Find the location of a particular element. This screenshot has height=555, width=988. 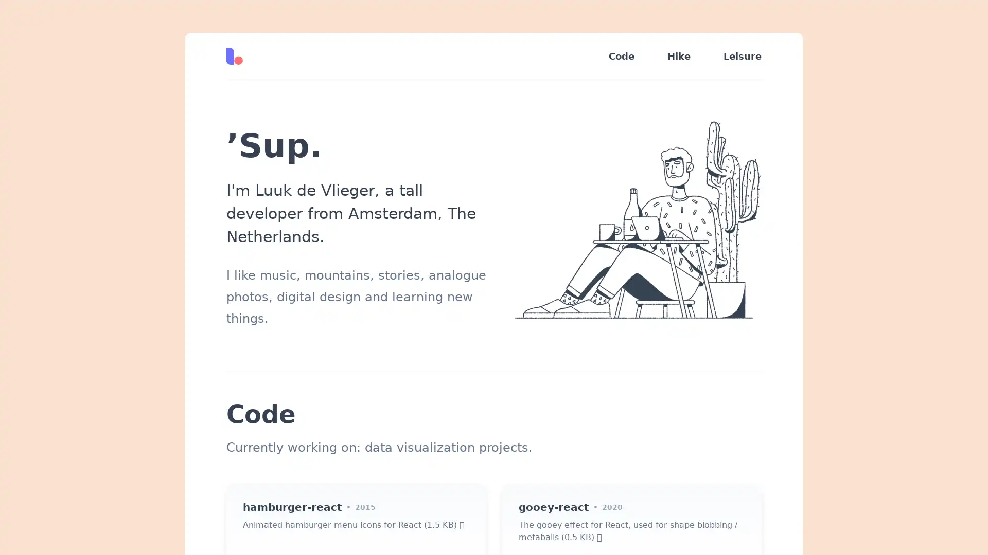

Leisure is located at coordinates (733, 56).